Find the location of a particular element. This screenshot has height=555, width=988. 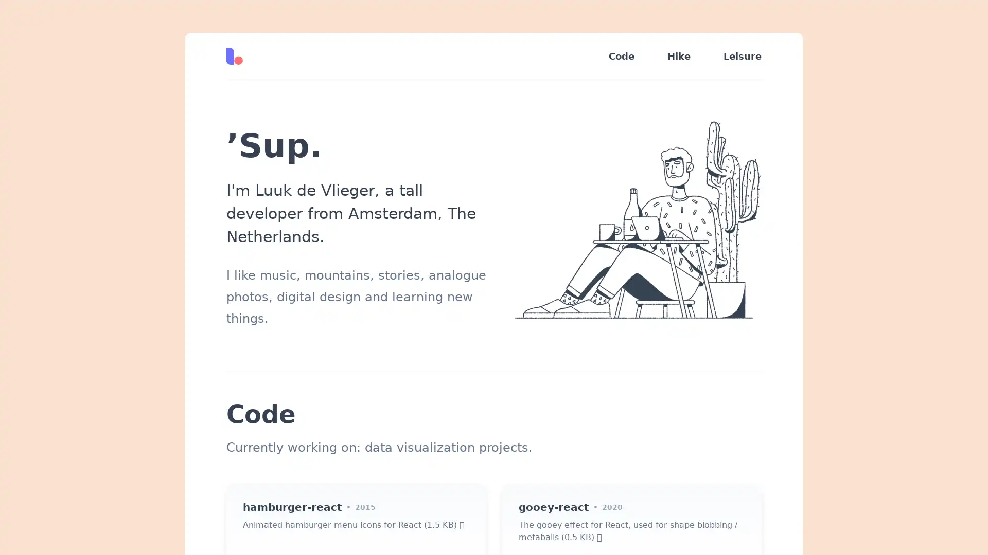

Leisure is located at coordinates (733, 56).